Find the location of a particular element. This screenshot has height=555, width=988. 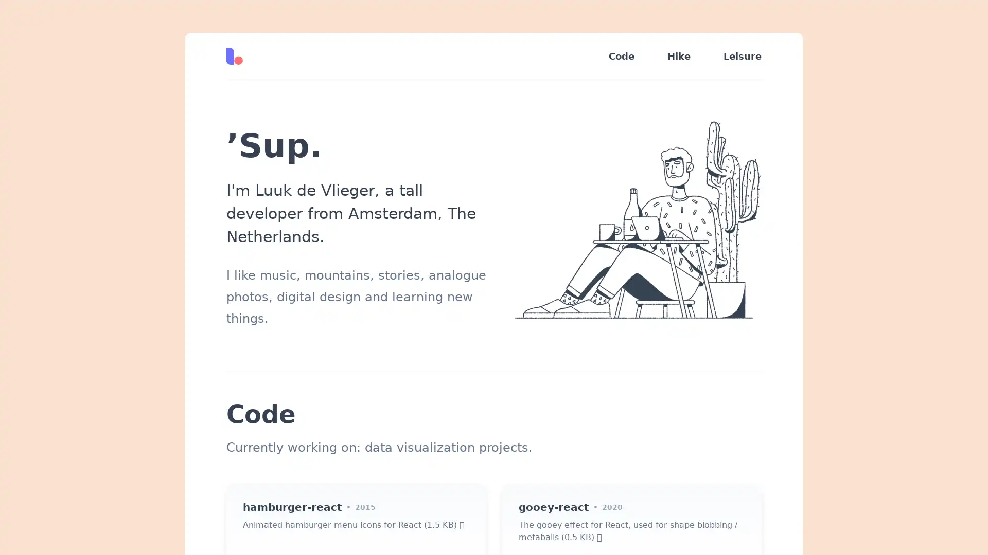

Leisure is located at coordinates (733, 56).